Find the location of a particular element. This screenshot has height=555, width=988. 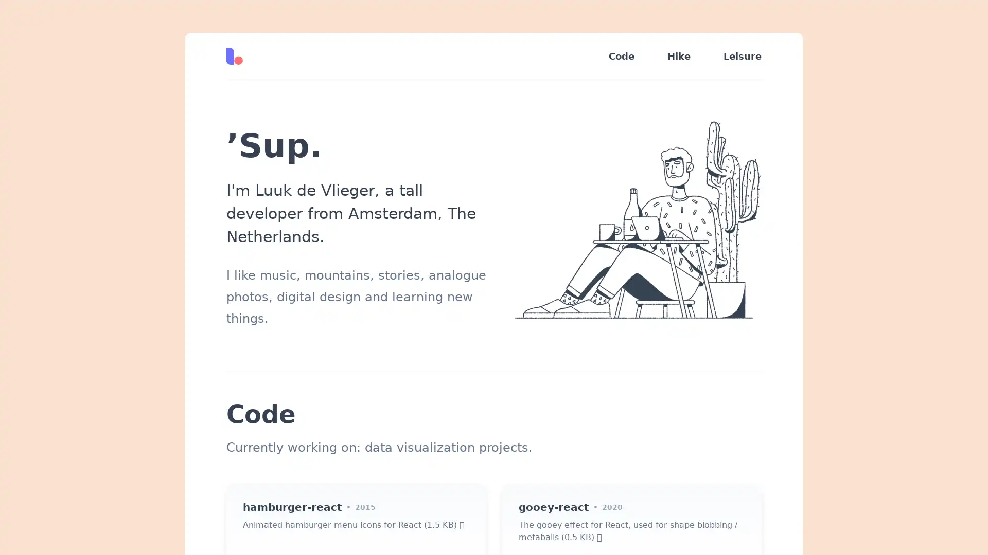

Leisure is located at coordinates (733, 56).